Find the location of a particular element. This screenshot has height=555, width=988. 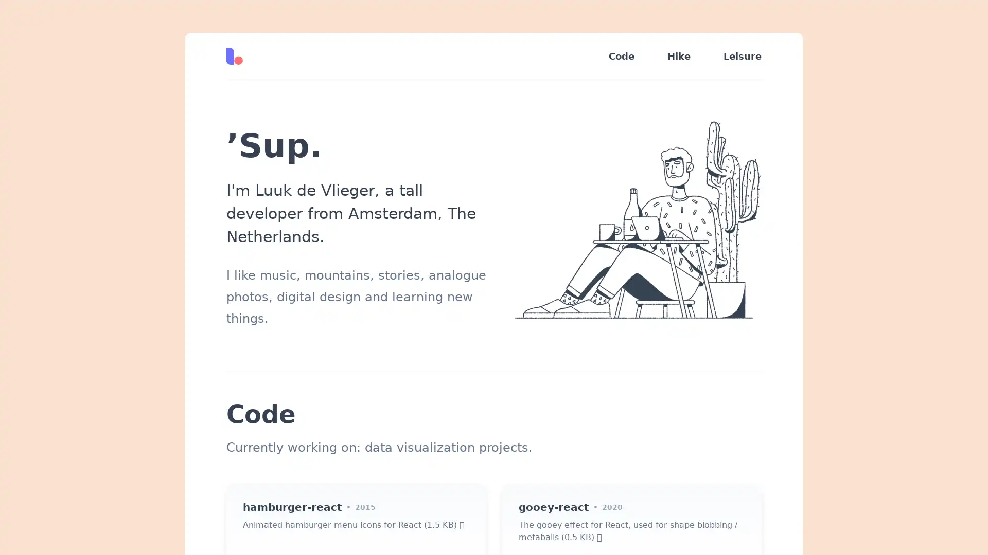

Leisure is located at coordinates (733, 56).